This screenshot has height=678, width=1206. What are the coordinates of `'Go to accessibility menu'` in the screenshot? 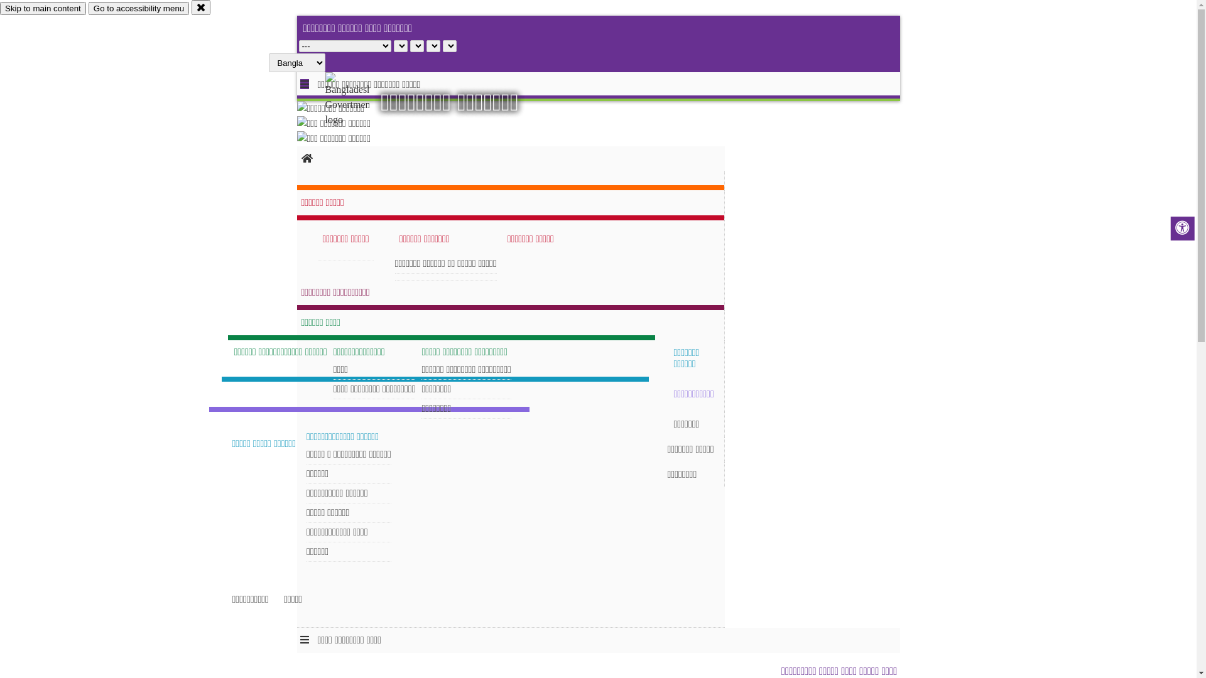 It's located at (138, 8).